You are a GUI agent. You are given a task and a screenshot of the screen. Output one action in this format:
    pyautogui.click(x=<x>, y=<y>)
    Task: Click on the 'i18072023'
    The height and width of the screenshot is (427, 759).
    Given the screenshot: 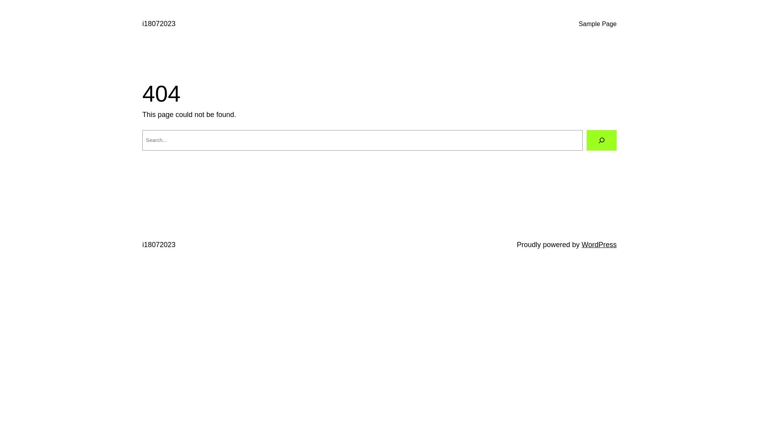 What is the action you would take?
    pyautogui.click(x=159, y=244)
    